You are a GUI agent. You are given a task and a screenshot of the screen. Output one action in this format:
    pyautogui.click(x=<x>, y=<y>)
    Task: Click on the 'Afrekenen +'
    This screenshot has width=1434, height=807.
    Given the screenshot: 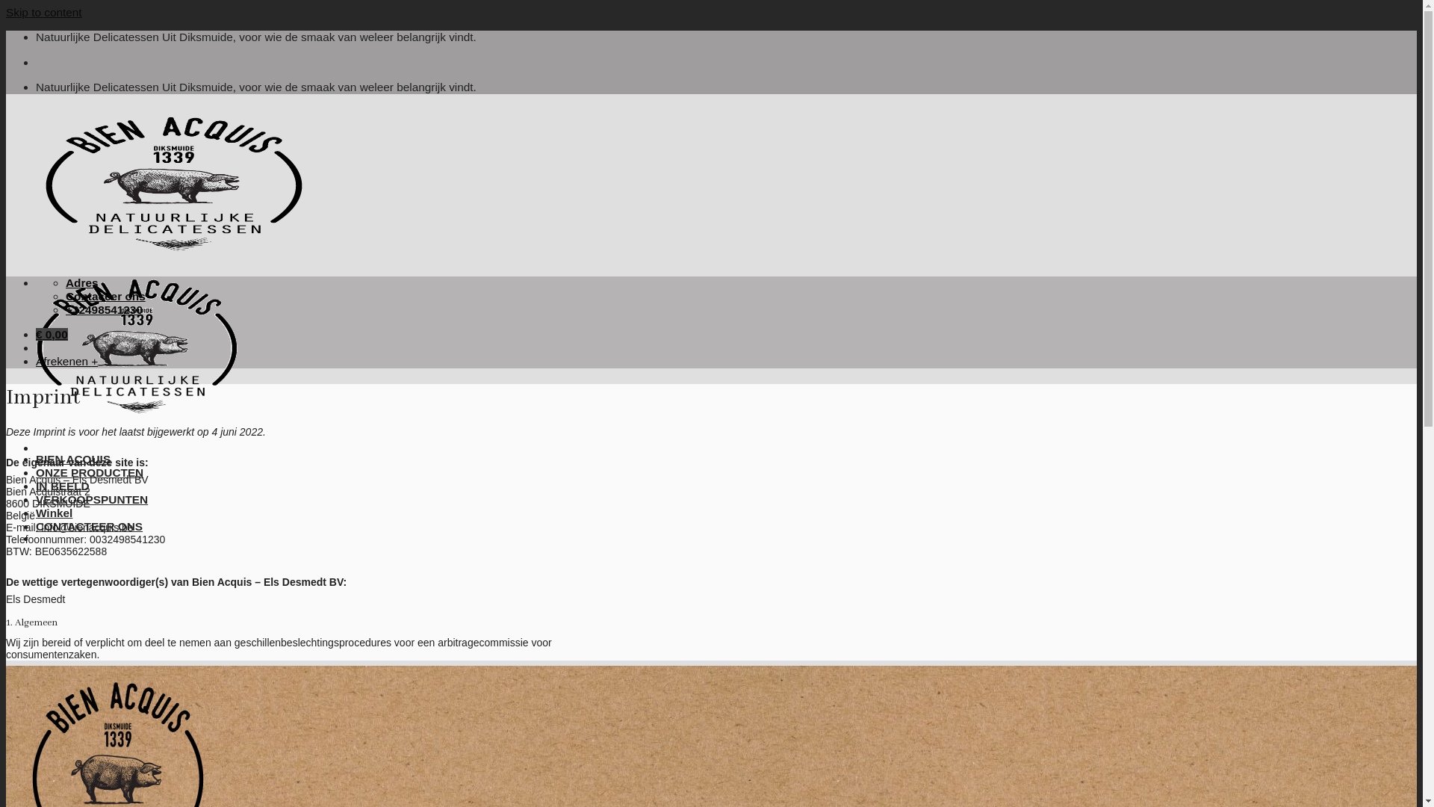 What is the action you would take?
    pyautogui.click(x=66, y=361)
    